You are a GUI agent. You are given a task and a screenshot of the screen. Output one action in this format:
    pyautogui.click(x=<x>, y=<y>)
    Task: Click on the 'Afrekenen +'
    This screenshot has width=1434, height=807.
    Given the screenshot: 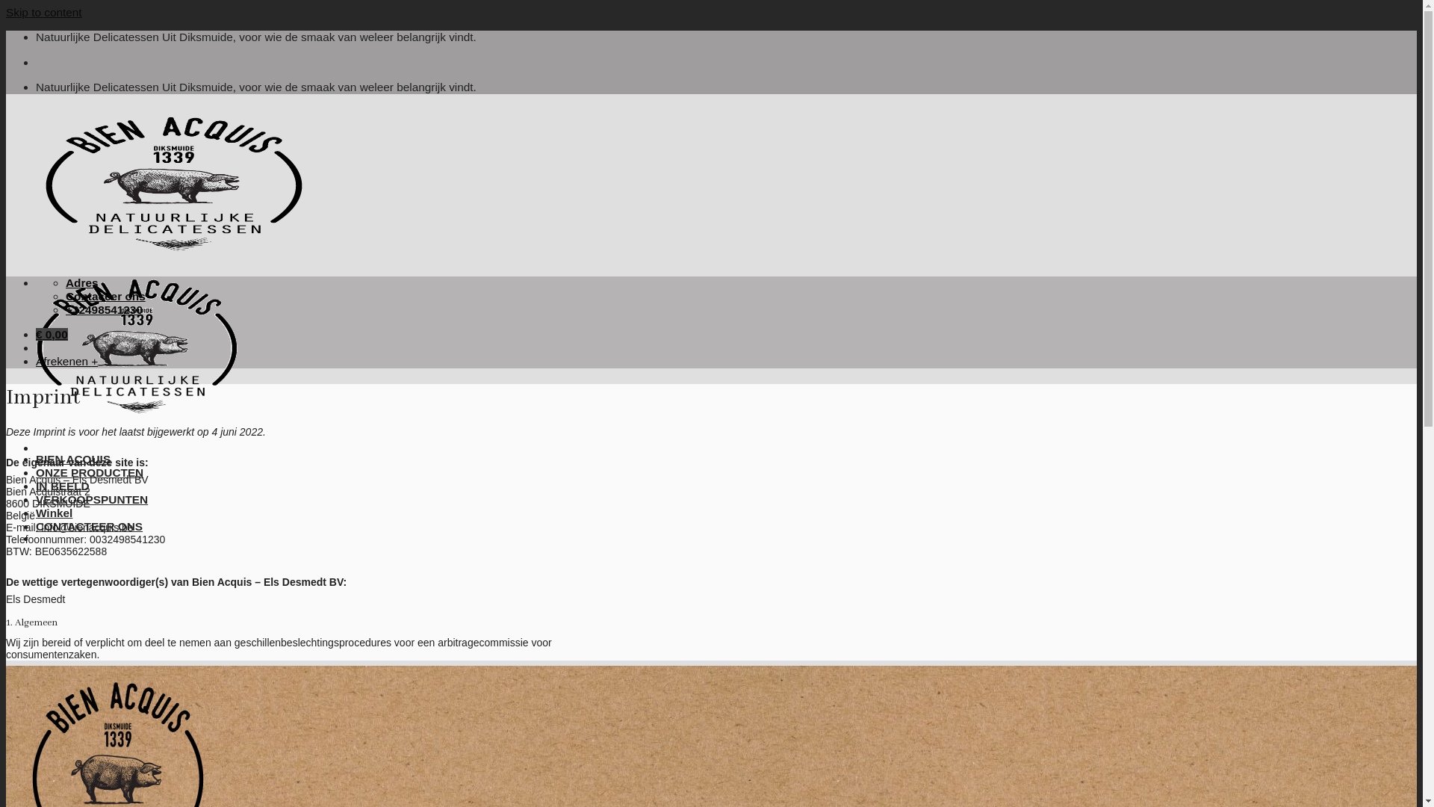 What is the action you would take?
    pyautogui.click(x=66, y=361)
    